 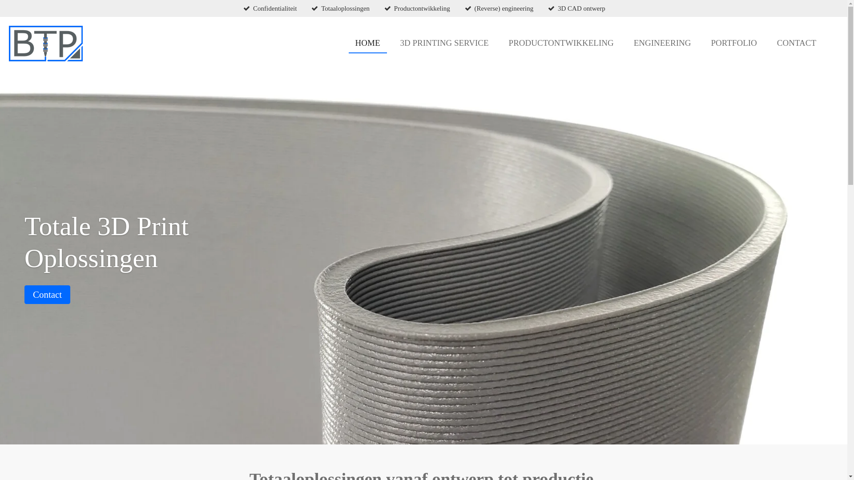 What do you see at coordinates (367, 43) in the screenshot?
I see `'HOME'` at bounding box center [367, 43].